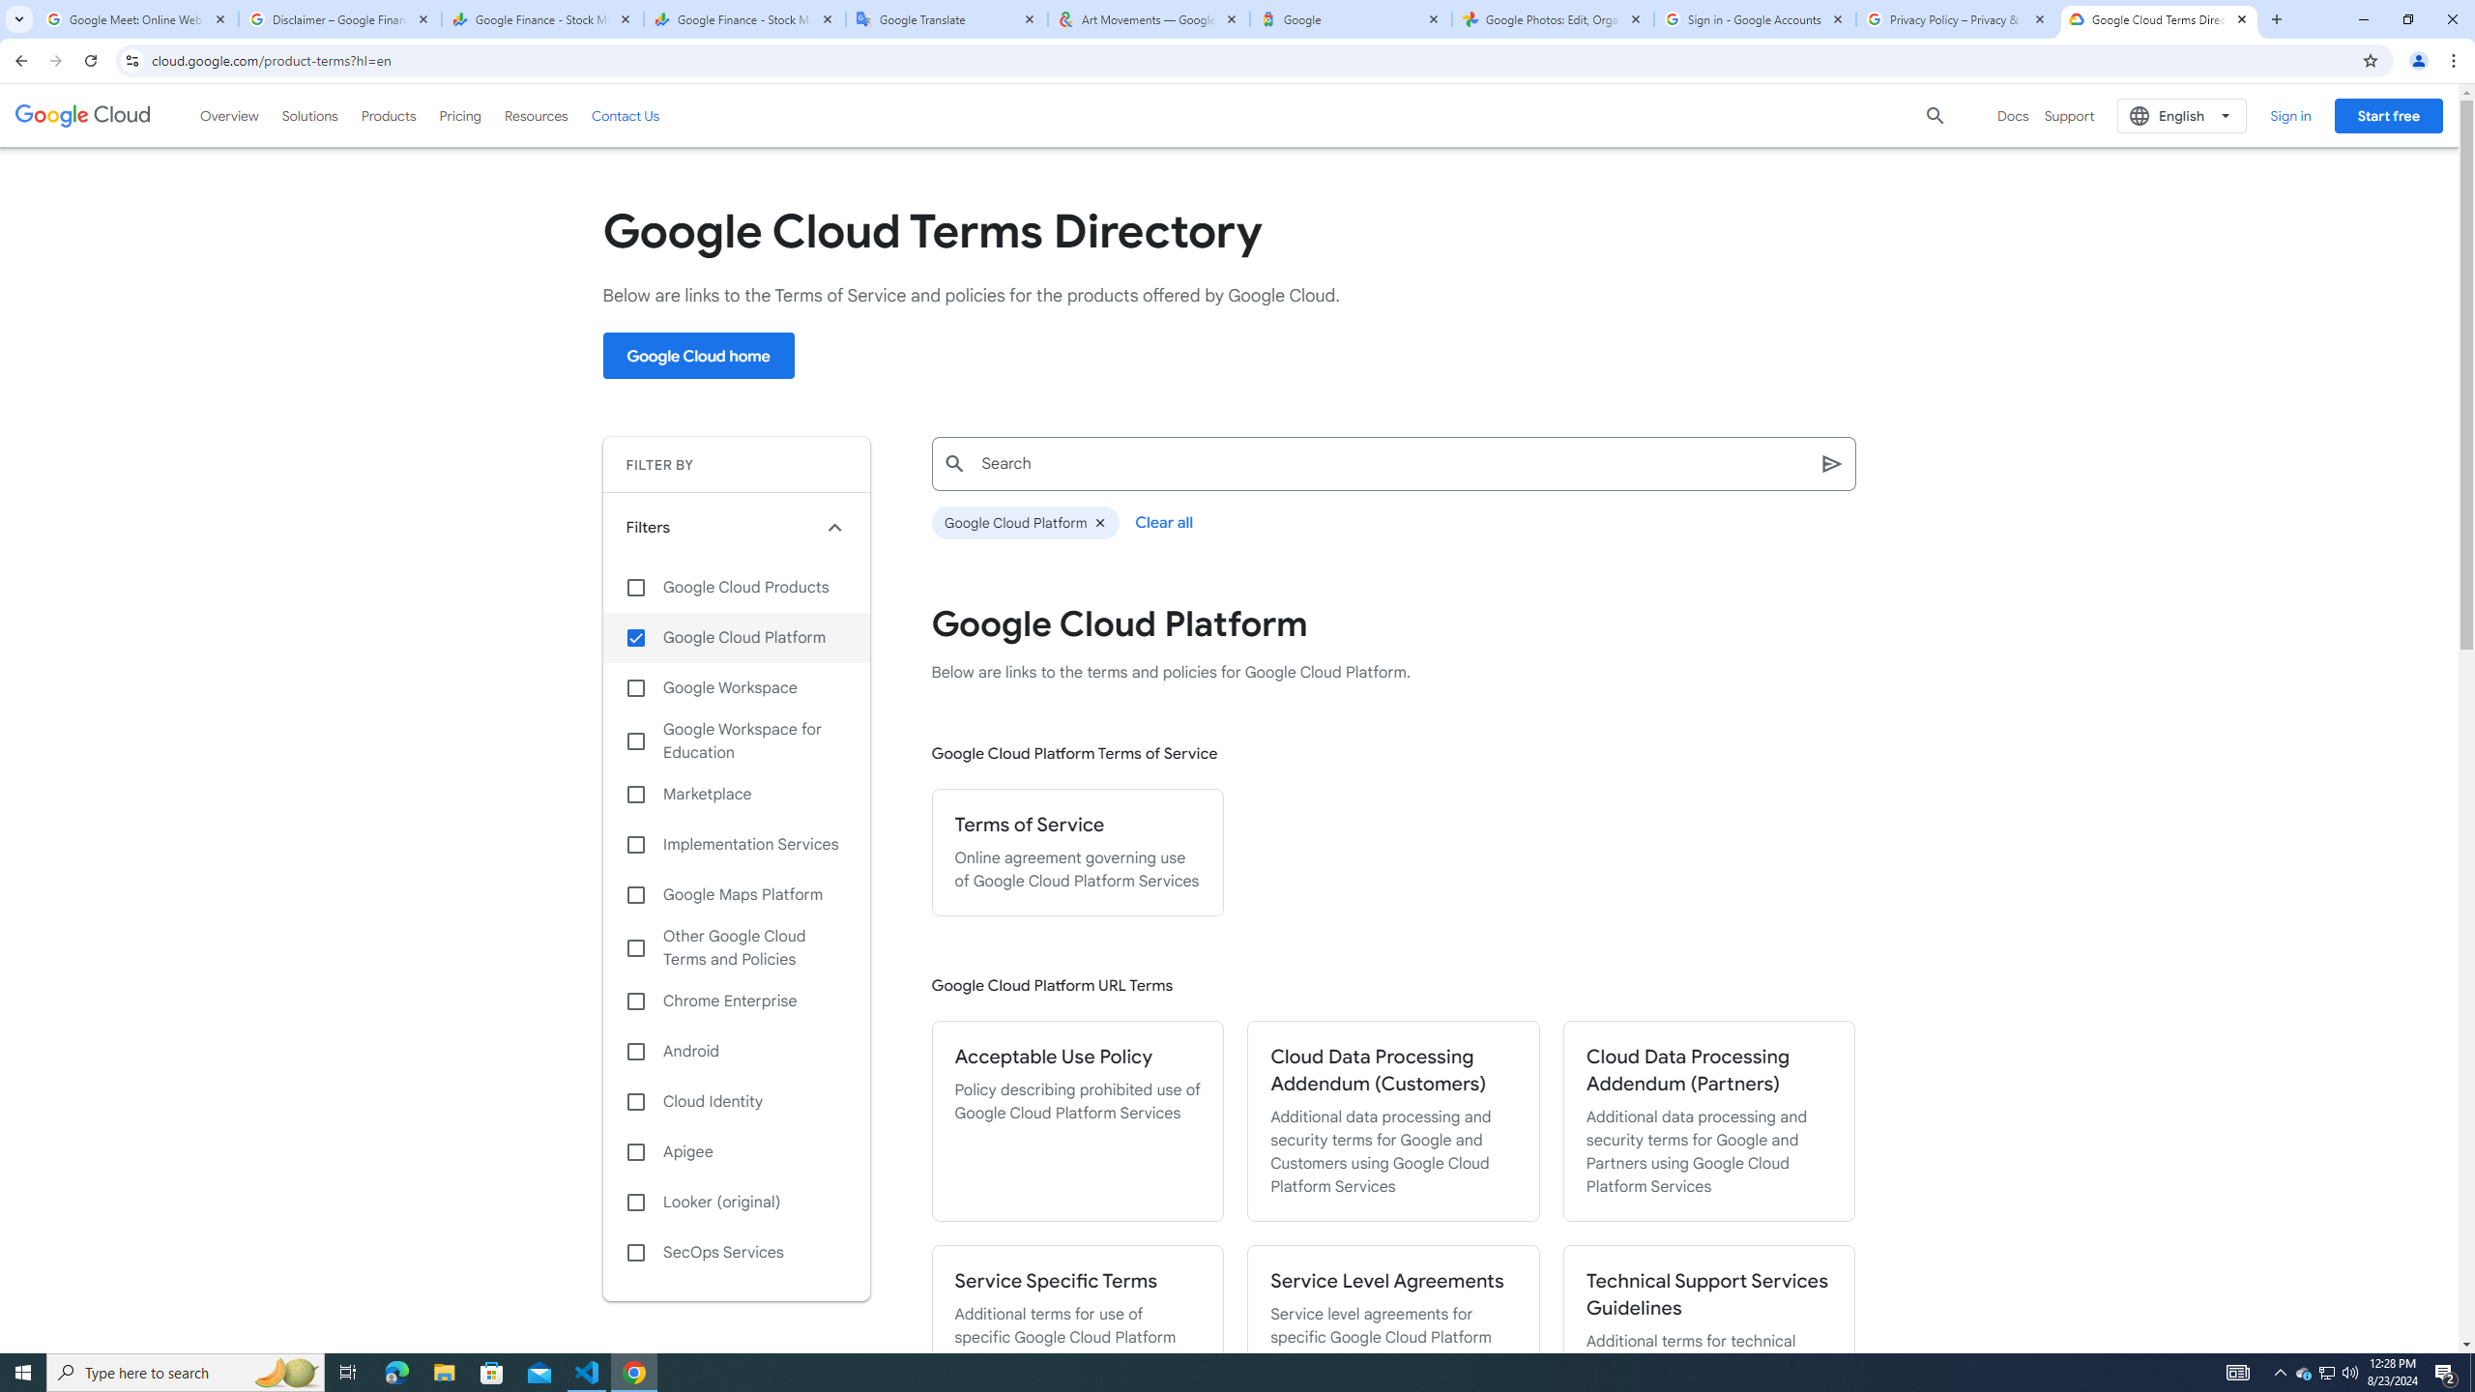 The image size is (2475, 1392). What do you see at coordinates (626, 115) in the screenshot?
I see `'Contact Us'` at bounding box center [626, 115].